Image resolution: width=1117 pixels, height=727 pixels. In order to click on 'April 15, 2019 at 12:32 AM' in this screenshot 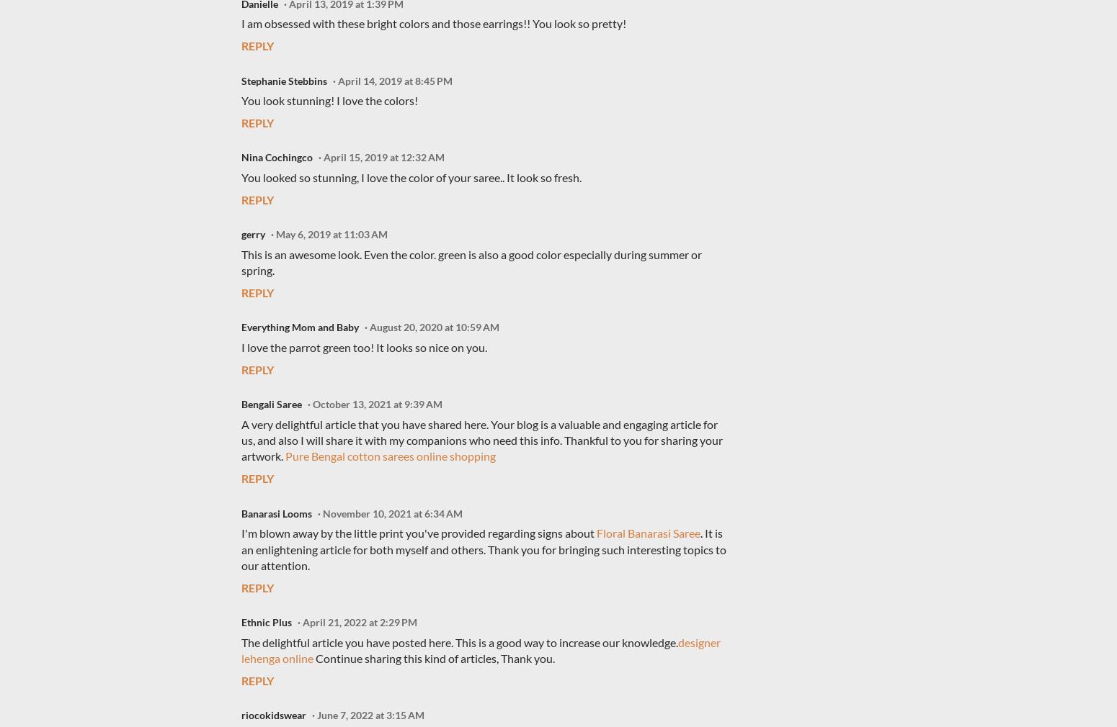, I will do `click(383, 156)`.